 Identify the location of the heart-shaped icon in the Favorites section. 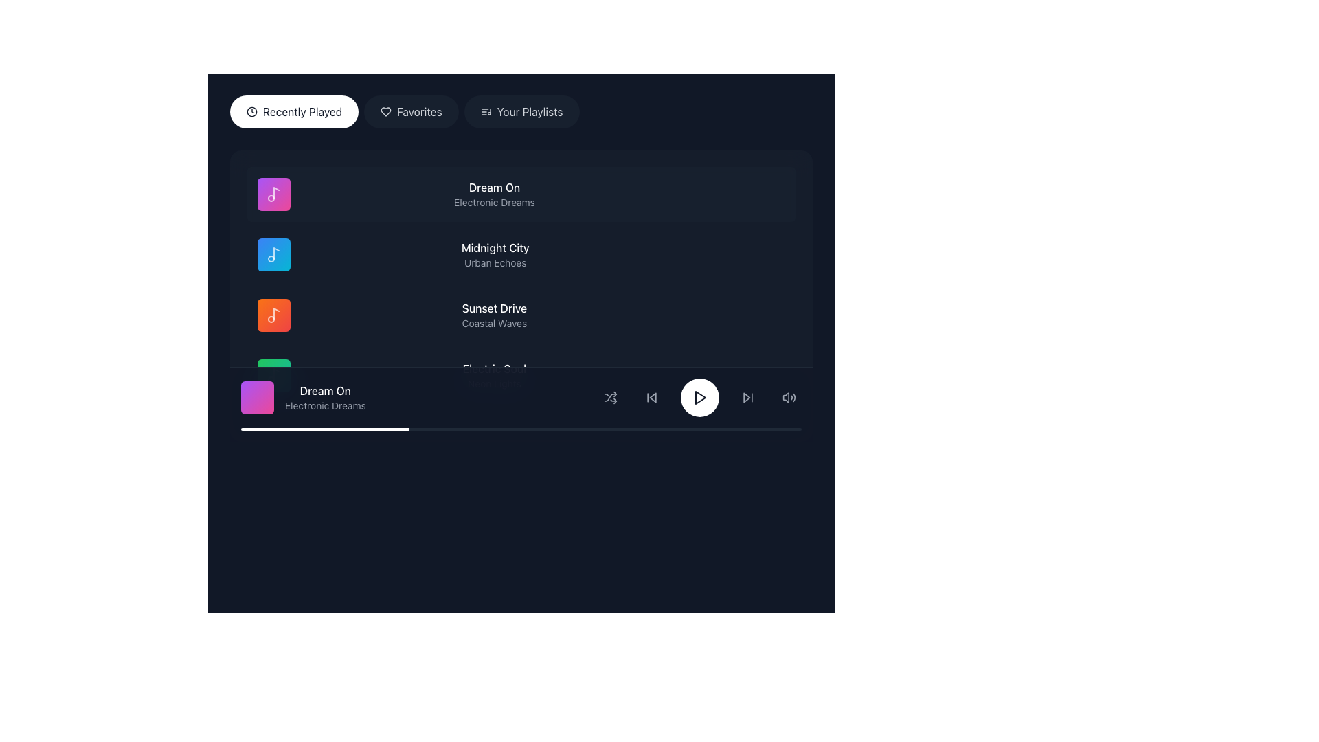
(385, 111).